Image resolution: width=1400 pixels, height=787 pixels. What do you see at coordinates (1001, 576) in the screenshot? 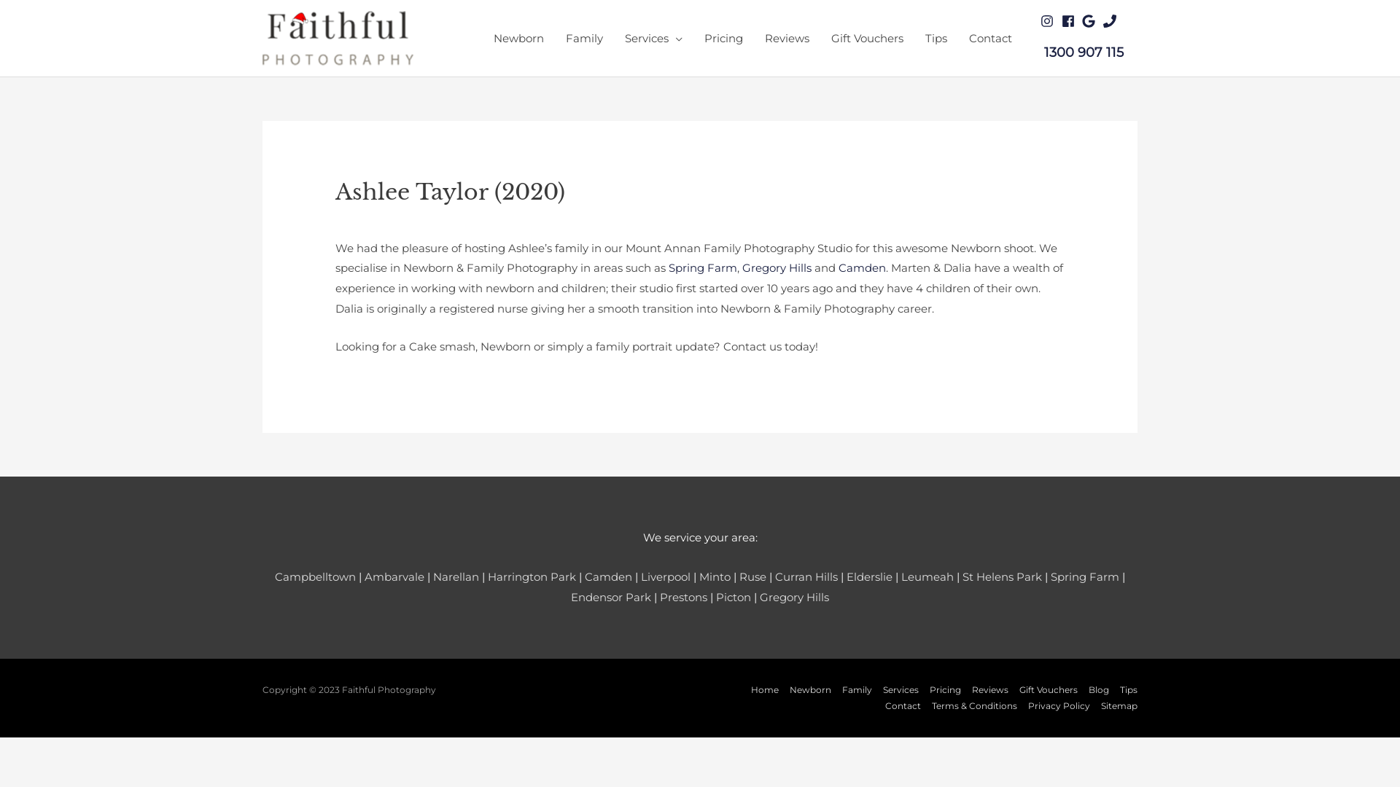
I see `'St Helens Park'` at bounding box center [1001, 576].